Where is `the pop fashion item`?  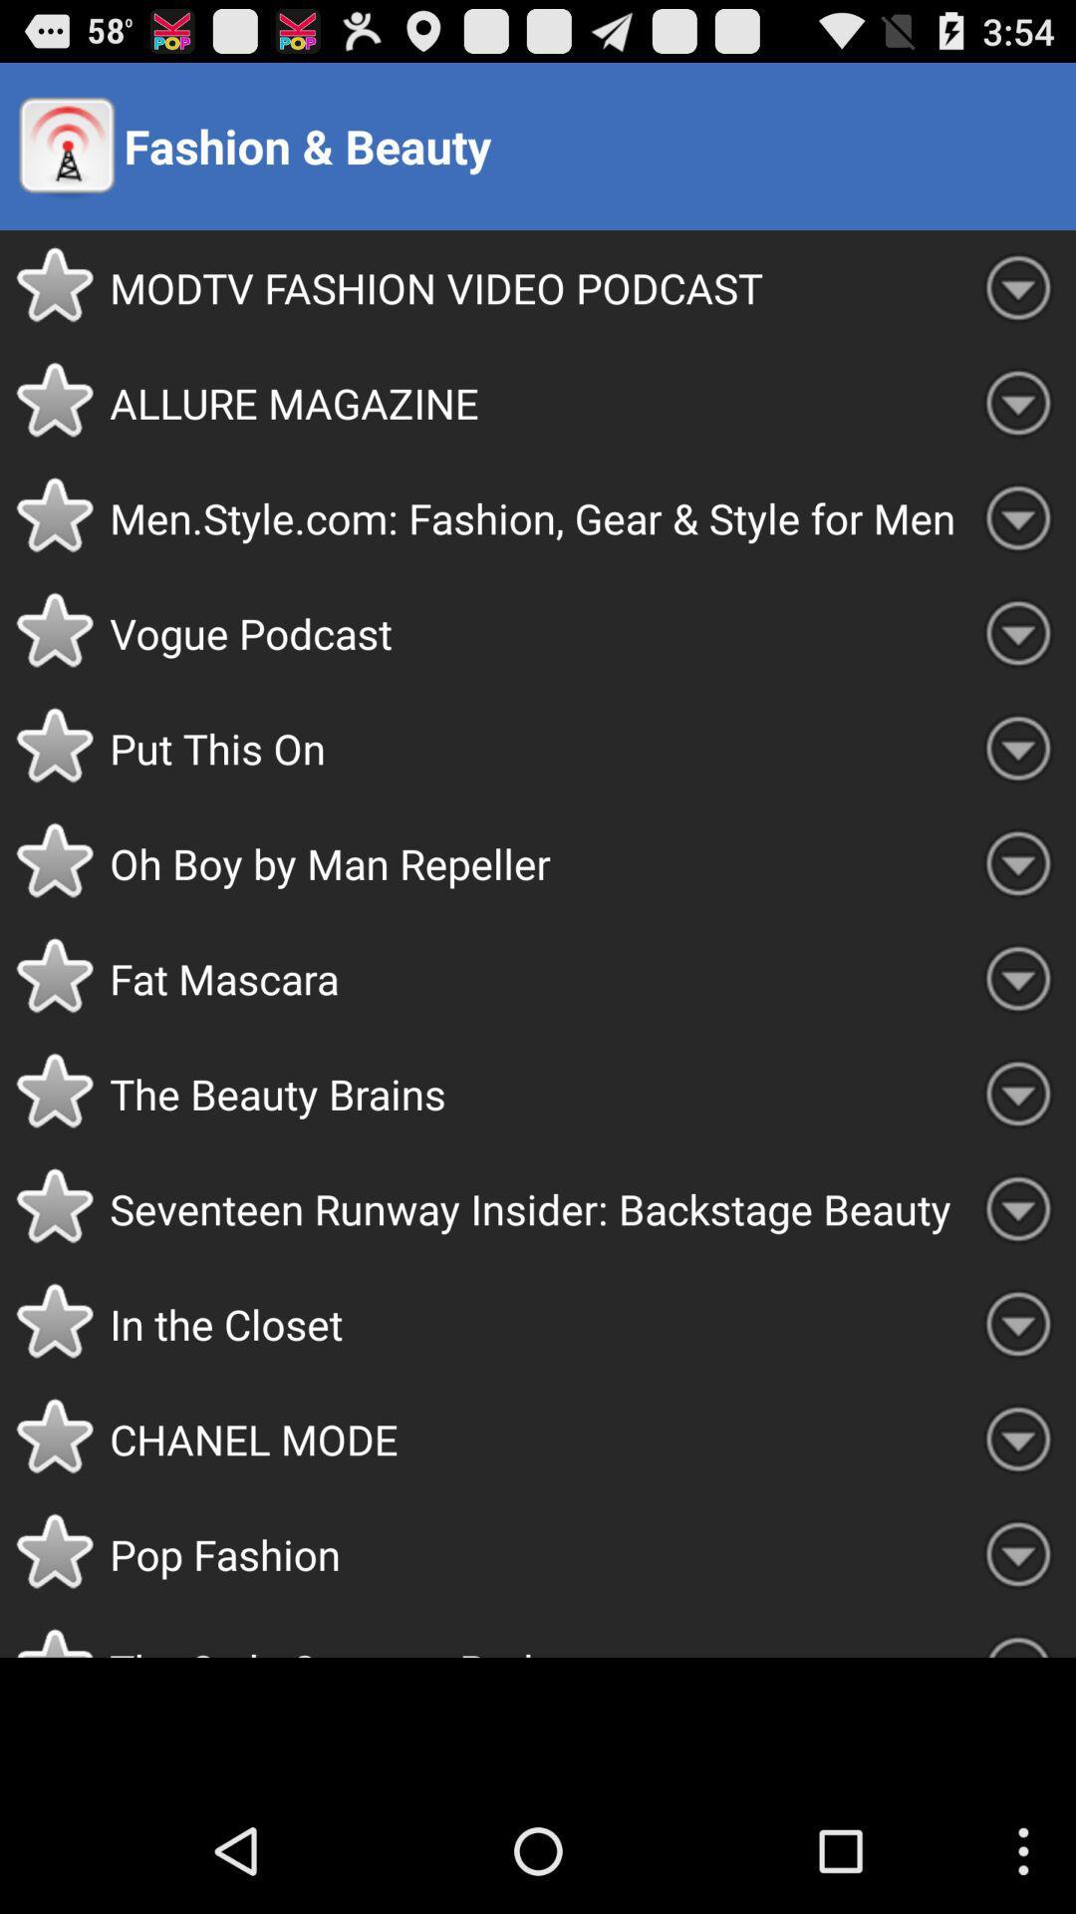 the pop fashion item is located at coordinates (534, 1553).